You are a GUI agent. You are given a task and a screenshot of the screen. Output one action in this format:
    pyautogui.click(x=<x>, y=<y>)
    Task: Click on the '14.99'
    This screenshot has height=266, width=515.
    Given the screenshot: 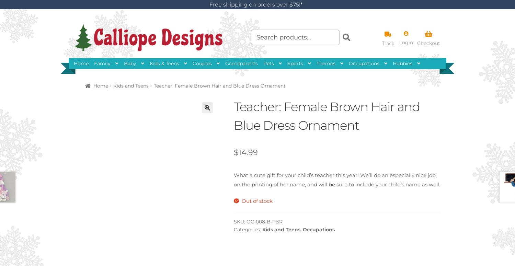 What is the action you would take?
    pyautogui.click(x=247, y=152)
    